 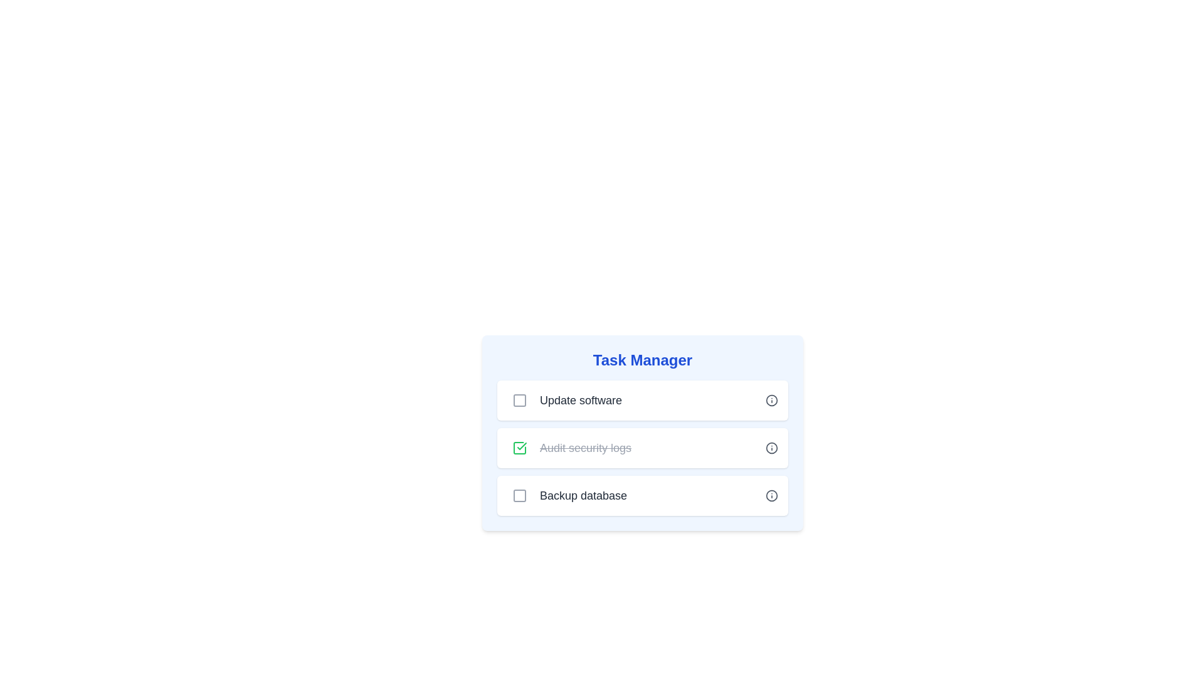 I want to click on the checkbox of the 'Backup database' task in the Task Manager list, so click(x=643, y=495).